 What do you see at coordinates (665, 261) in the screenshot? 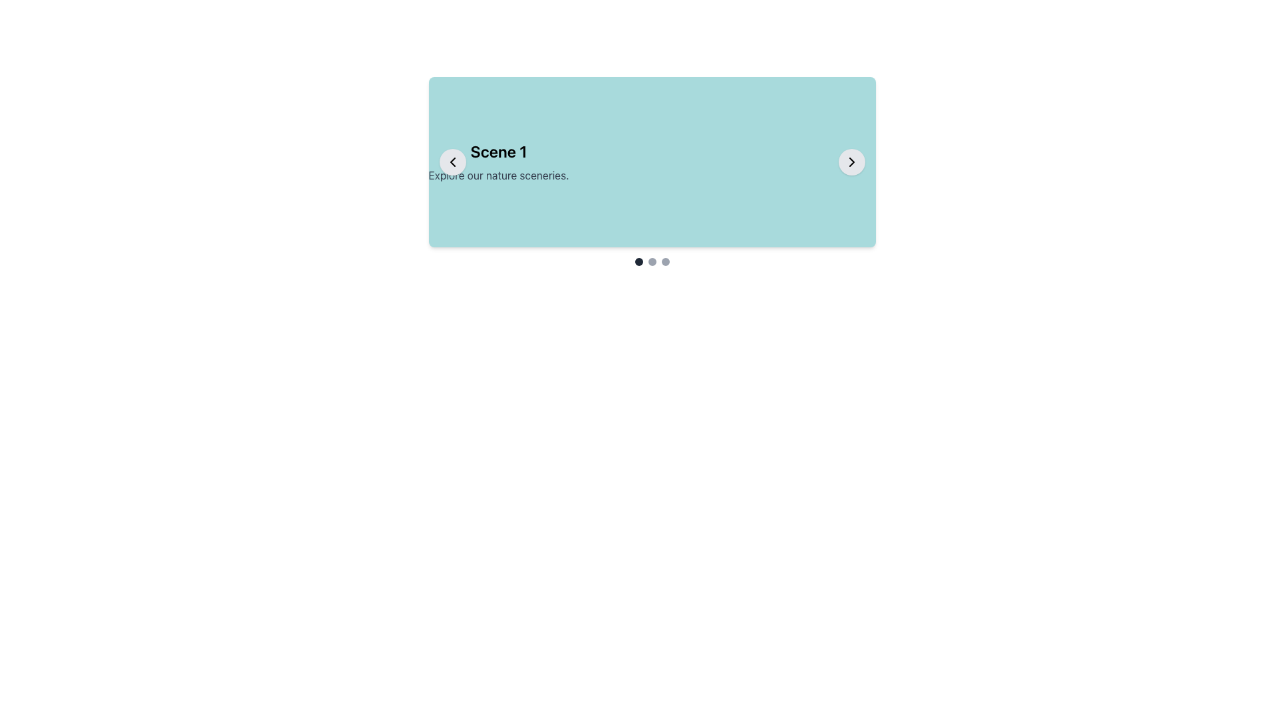
I see `the third navigation indicator dot, which is aligned horizontally below a light blue rectangular area containing text` at bounding box center [665, 261].